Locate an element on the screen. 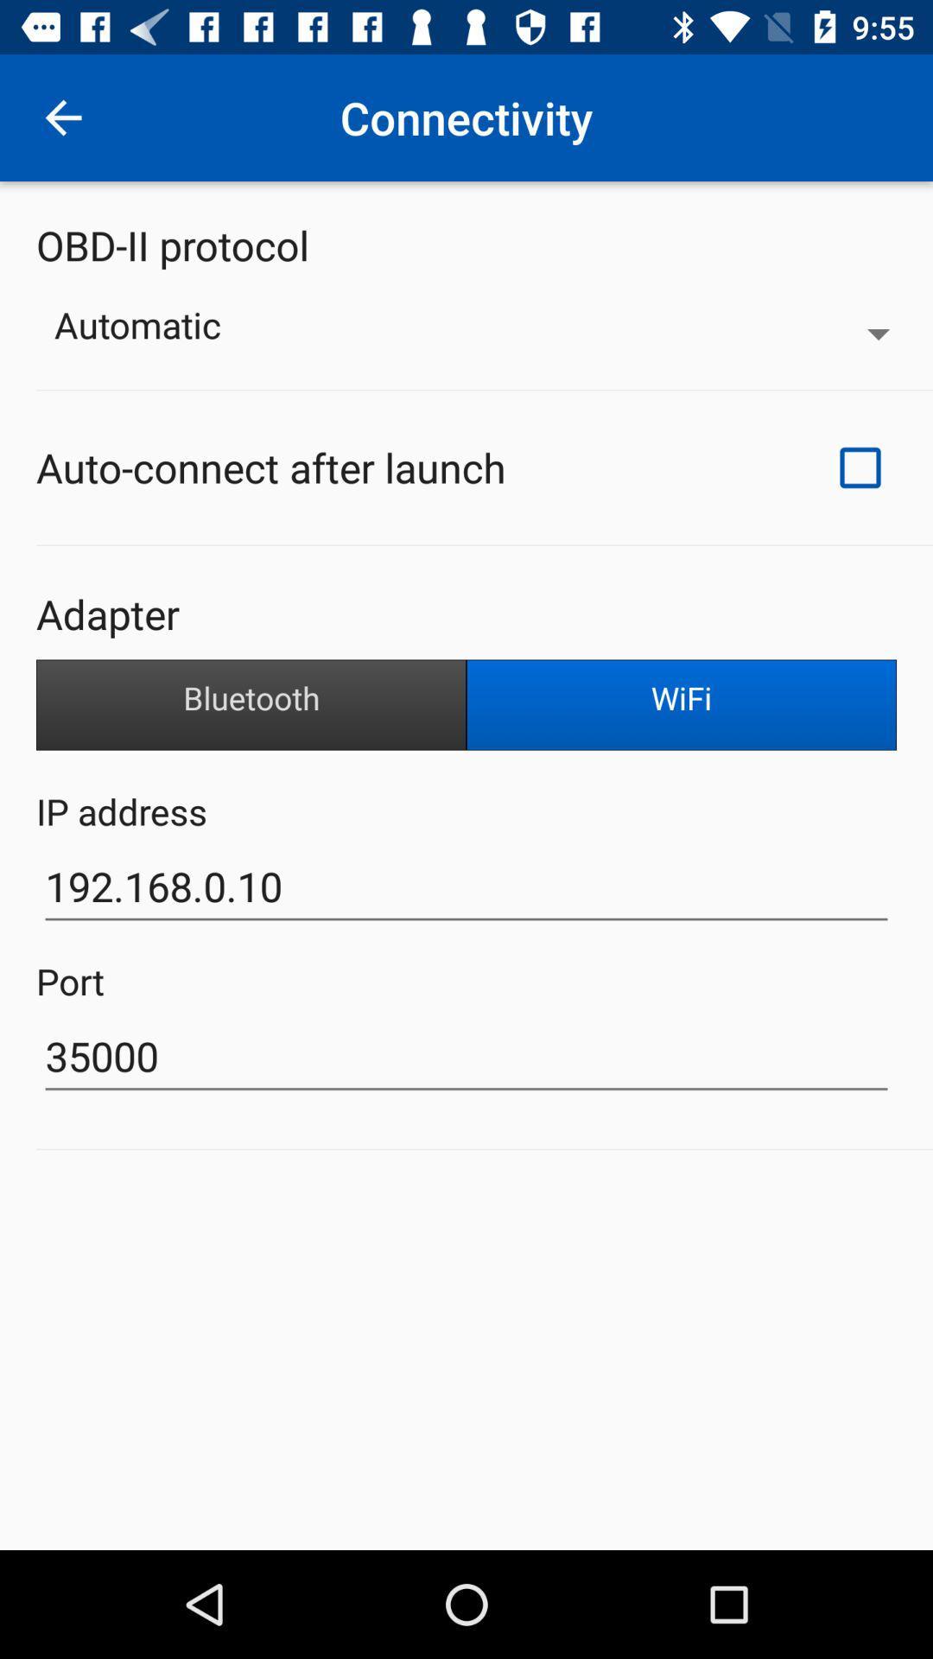  the item below the adapter item is located at coordinates (681, 705).